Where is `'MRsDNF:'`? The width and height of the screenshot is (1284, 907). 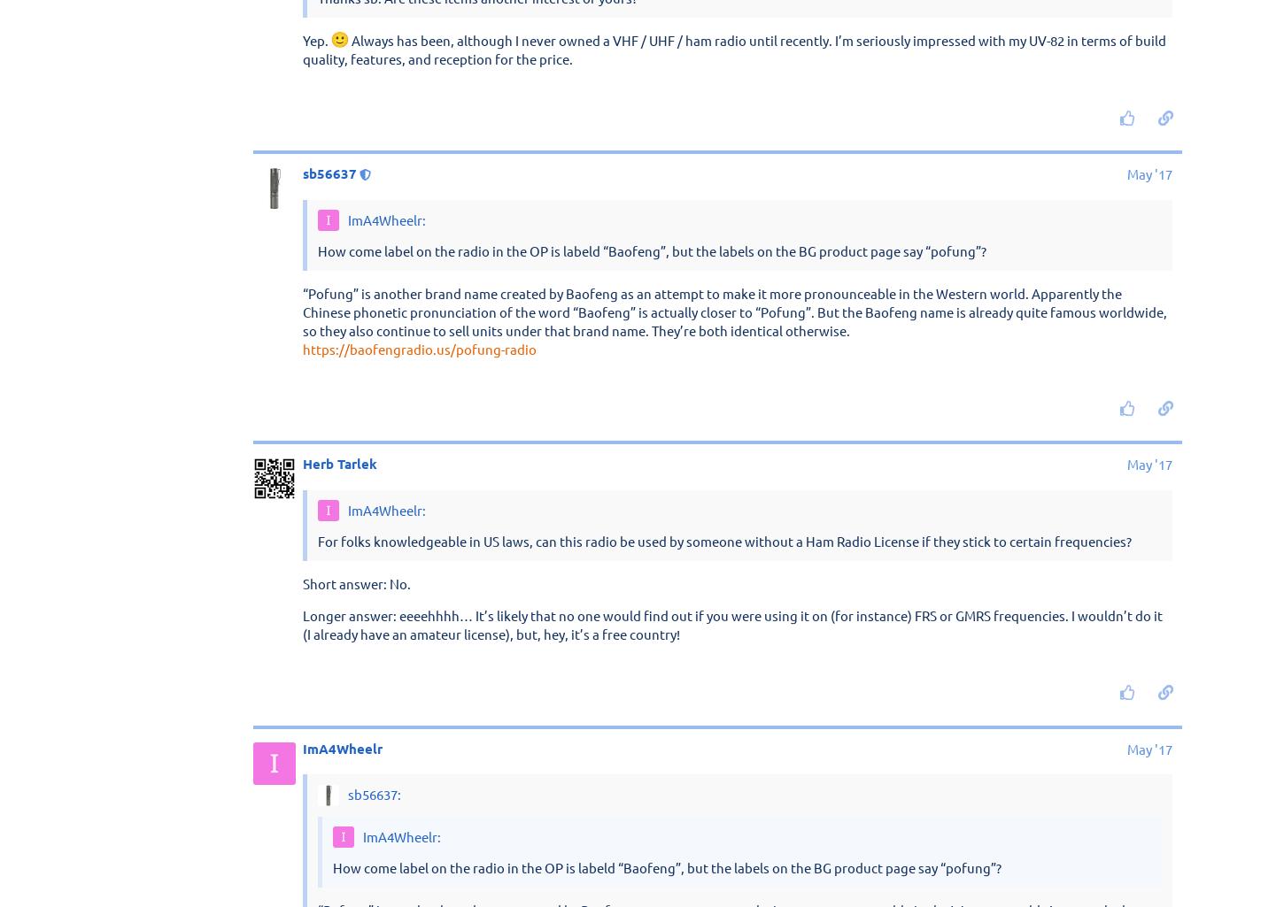
'MRsDNF:' is located at coordinates (373, 478).